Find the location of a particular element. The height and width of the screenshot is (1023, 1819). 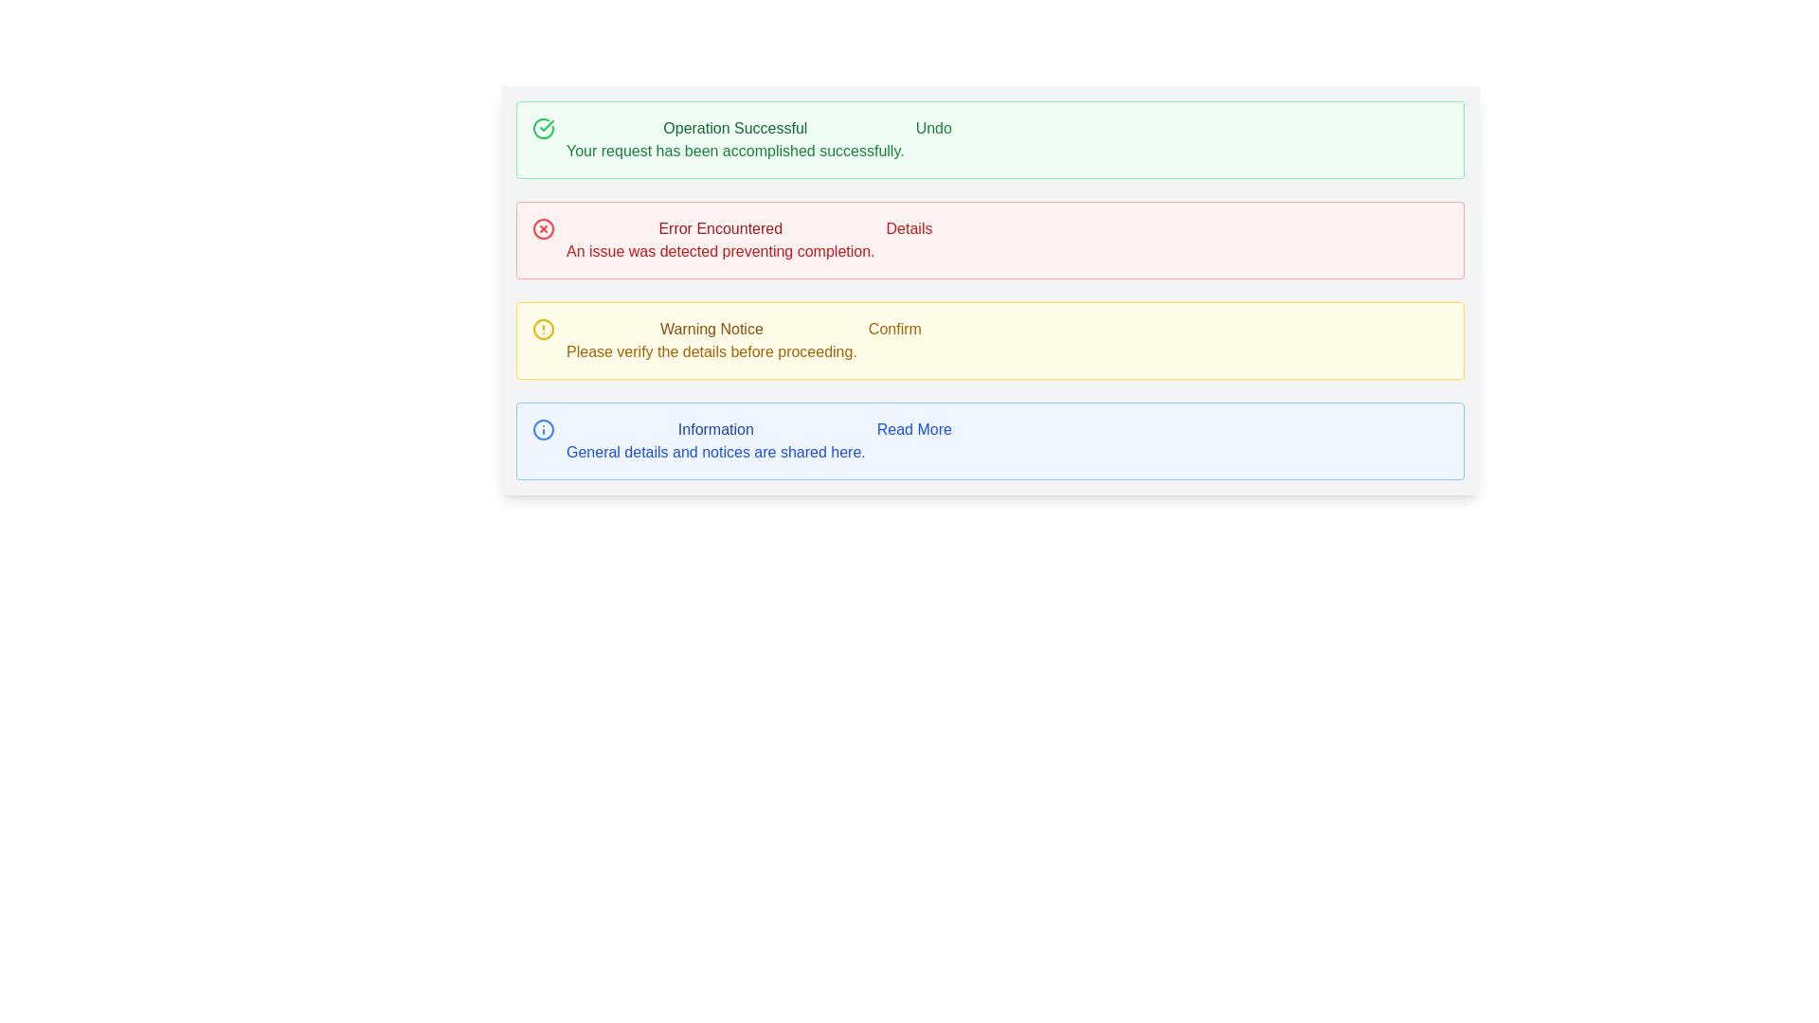

the 'Details' button within the error Notification or Alert Box, which is the second notification in a vertical stack of four notifications is located at coordinates (989, 240).